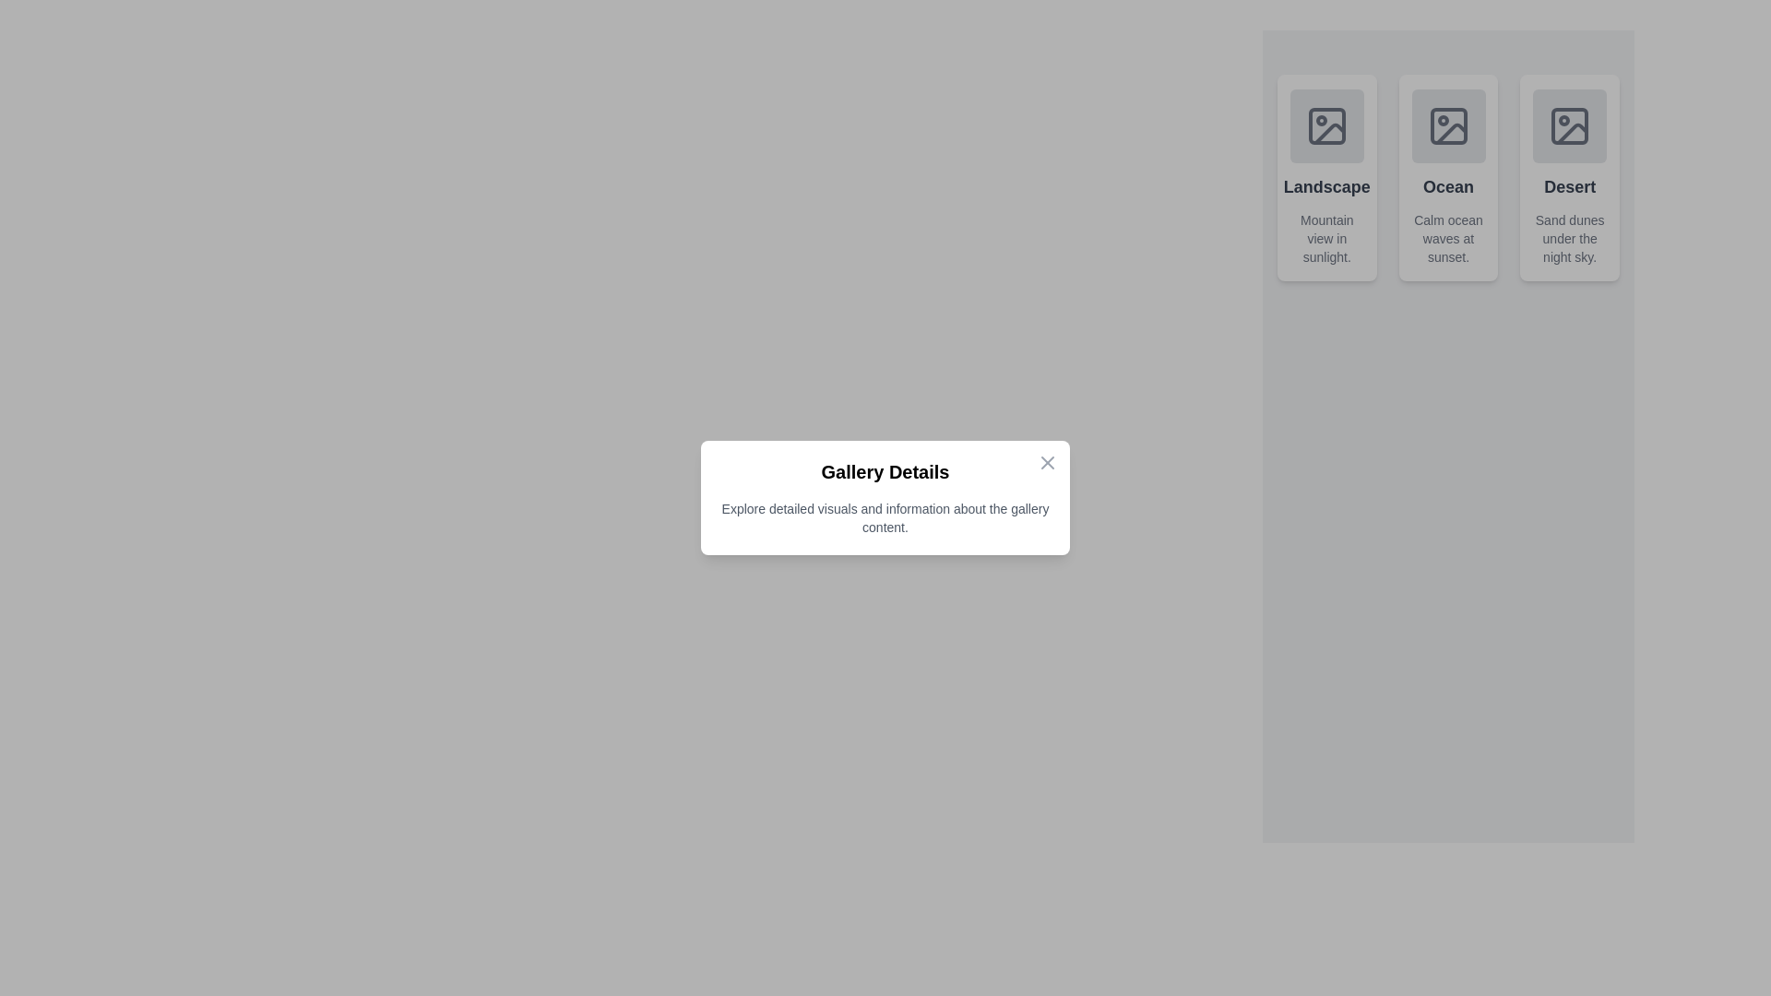  Describe the element at coordinates (1447, 187) in the screenshot. I see `text of the Text Label which serves as a title or header above the description 'Calm ocean waves at sunset'` at that location.